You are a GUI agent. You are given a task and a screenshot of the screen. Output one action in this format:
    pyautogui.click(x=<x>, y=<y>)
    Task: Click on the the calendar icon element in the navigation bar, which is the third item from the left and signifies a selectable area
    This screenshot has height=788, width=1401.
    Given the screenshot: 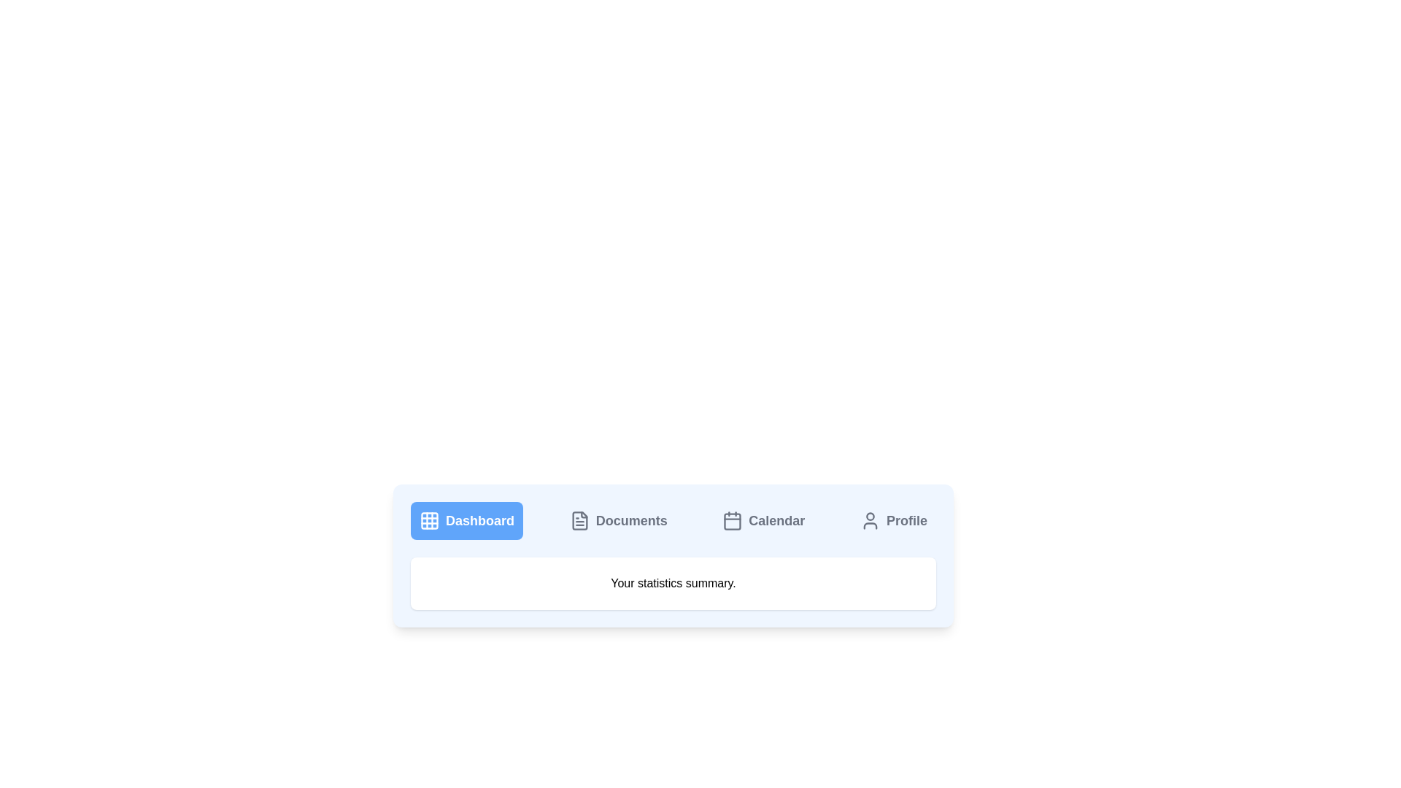 What is the action you would take?
    pyautogui.click(x=733, y=521)
    